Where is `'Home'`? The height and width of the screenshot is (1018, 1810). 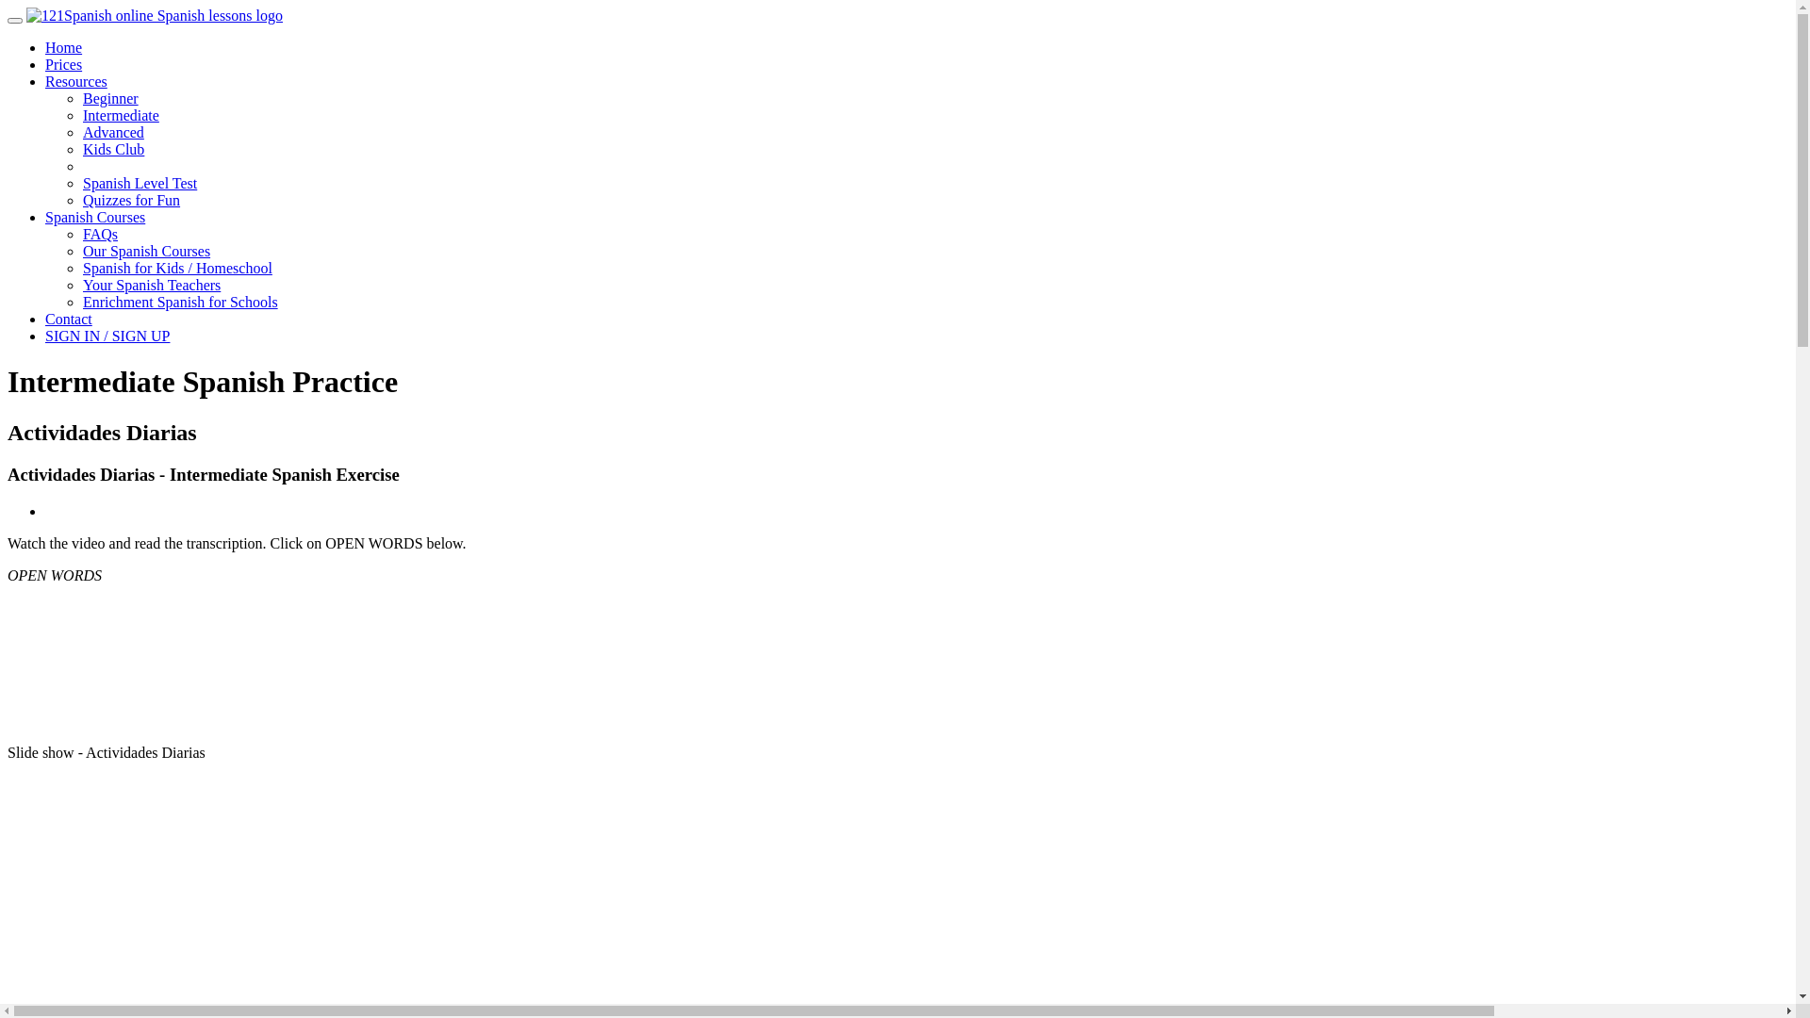 'Home' is located at coordinates (63, 46).